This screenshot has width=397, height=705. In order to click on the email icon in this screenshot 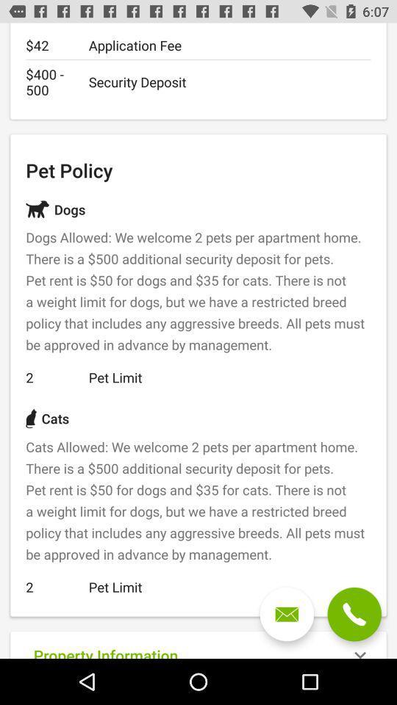, I will do `click(287, 614)`.